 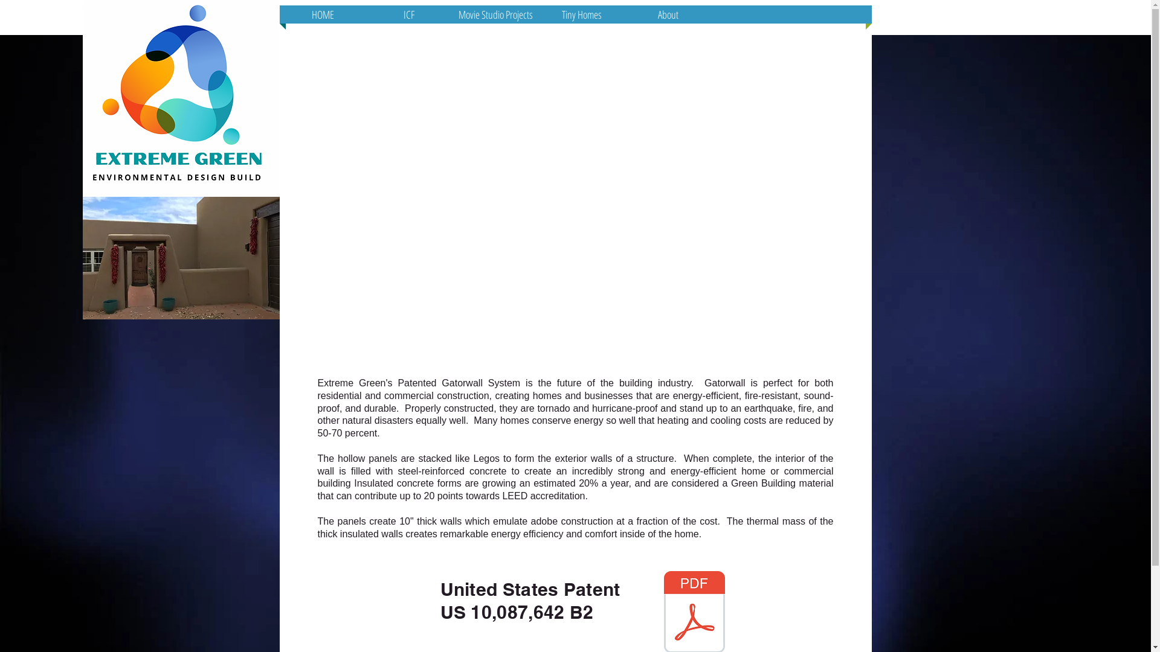 I want to click on 'About', so click(x=667, y=14).